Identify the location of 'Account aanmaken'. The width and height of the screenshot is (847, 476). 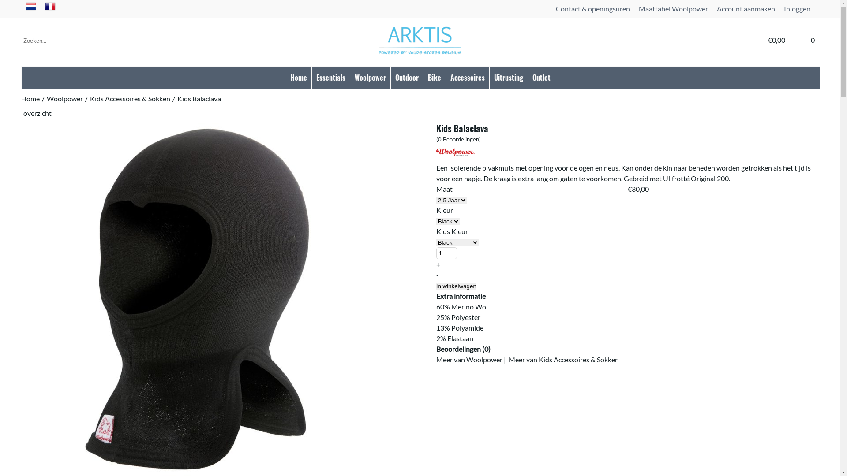
(745, 8).